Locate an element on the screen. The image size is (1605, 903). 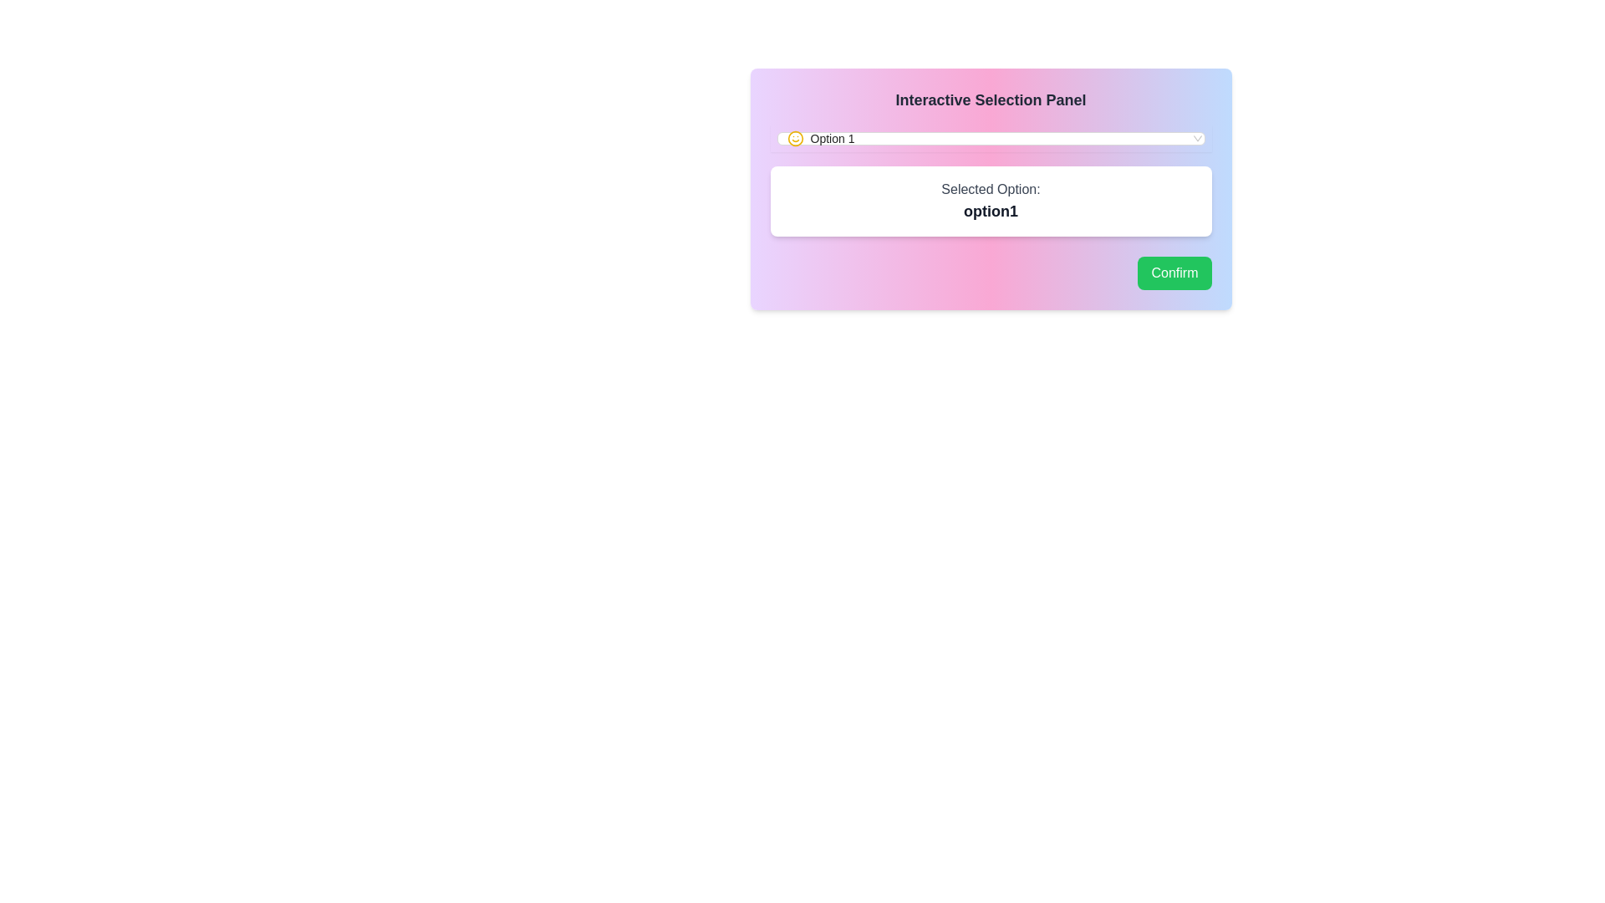
the Dropdown selector, which has a gradient background, a smiley face icon on the left, and displays 'Option 1' in black text is located at coordinates (991, 137).